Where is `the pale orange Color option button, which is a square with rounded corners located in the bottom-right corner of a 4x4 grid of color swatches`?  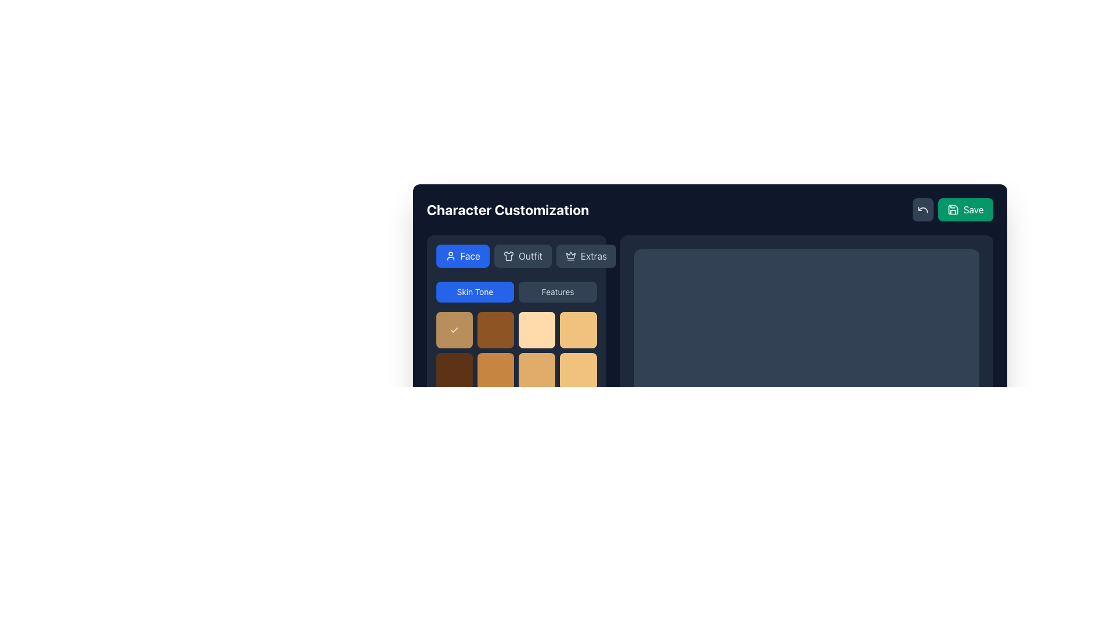
the pale orange Color option button, which is a square with rounded corners located in the bottom-right corner of a 4x4 grid of color swatches is located at coordinates (578, 371).